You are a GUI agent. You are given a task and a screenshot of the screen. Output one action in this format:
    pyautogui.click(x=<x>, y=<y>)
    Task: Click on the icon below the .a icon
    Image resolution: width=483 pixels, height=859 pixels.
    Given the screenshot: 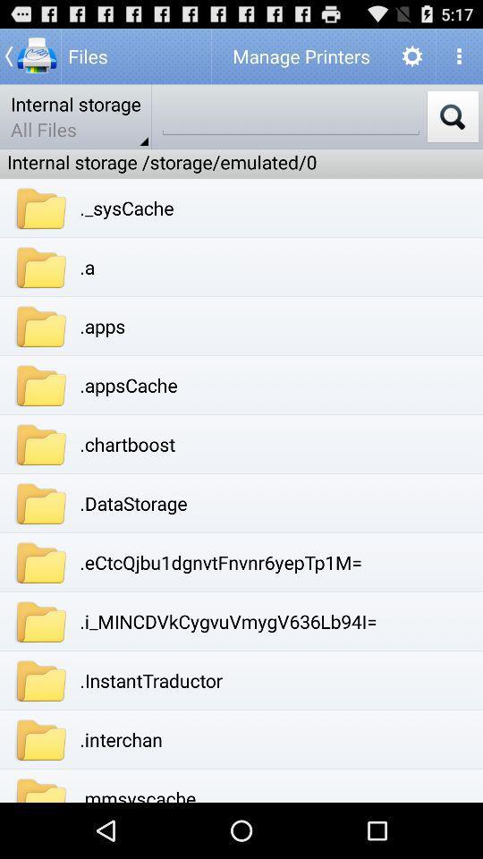 What is the action you would take?
    pyautogui.click(x=102, y=325)
    